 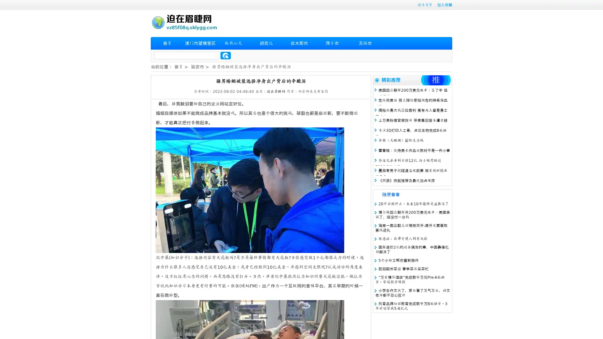 What do you see at coordinates (225, 55) in the screenshot?
I see `Search` at bounding box center [225, 55].